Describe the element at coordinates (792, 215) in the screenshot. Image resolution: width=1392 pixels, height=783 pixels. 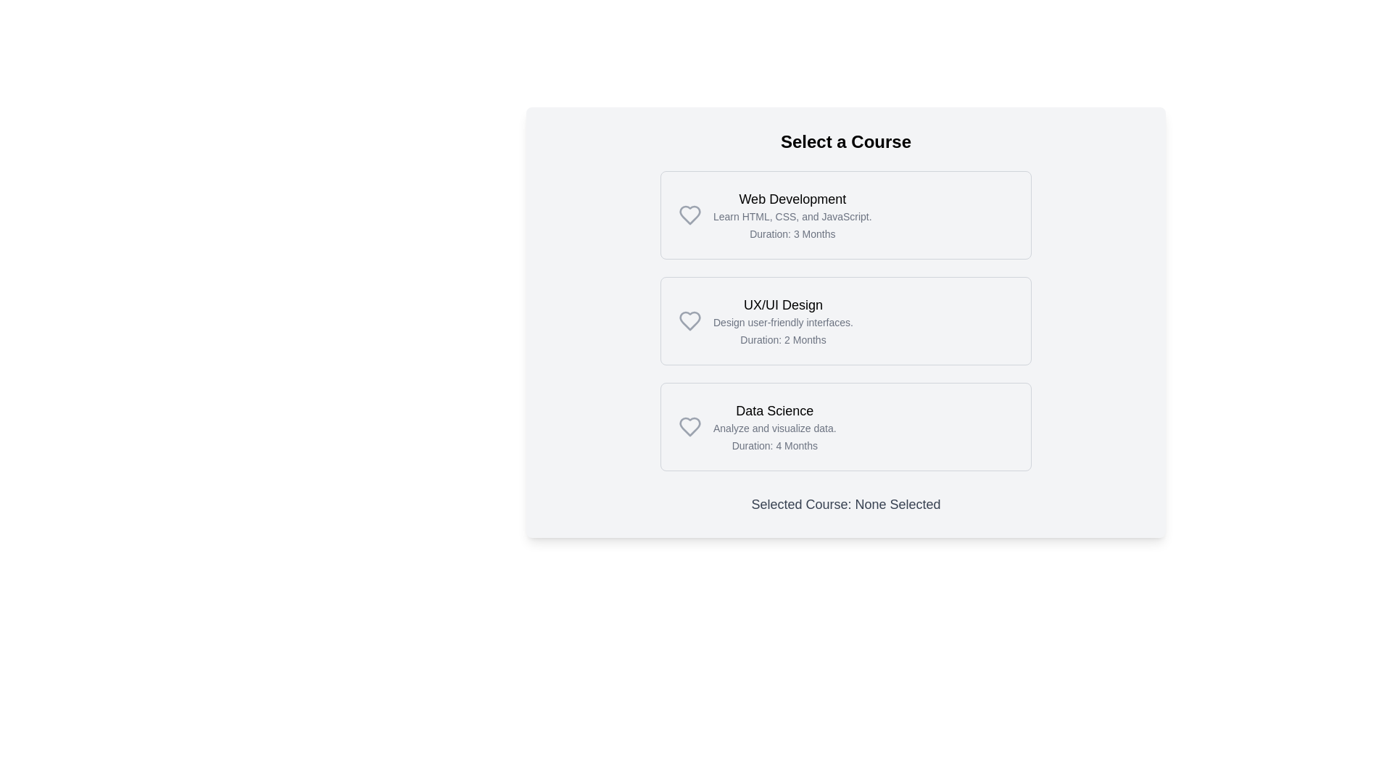
I see `informational text block about the 'Web Development' course, which is the first entry in a vertically-aligned list of course options` at that location.